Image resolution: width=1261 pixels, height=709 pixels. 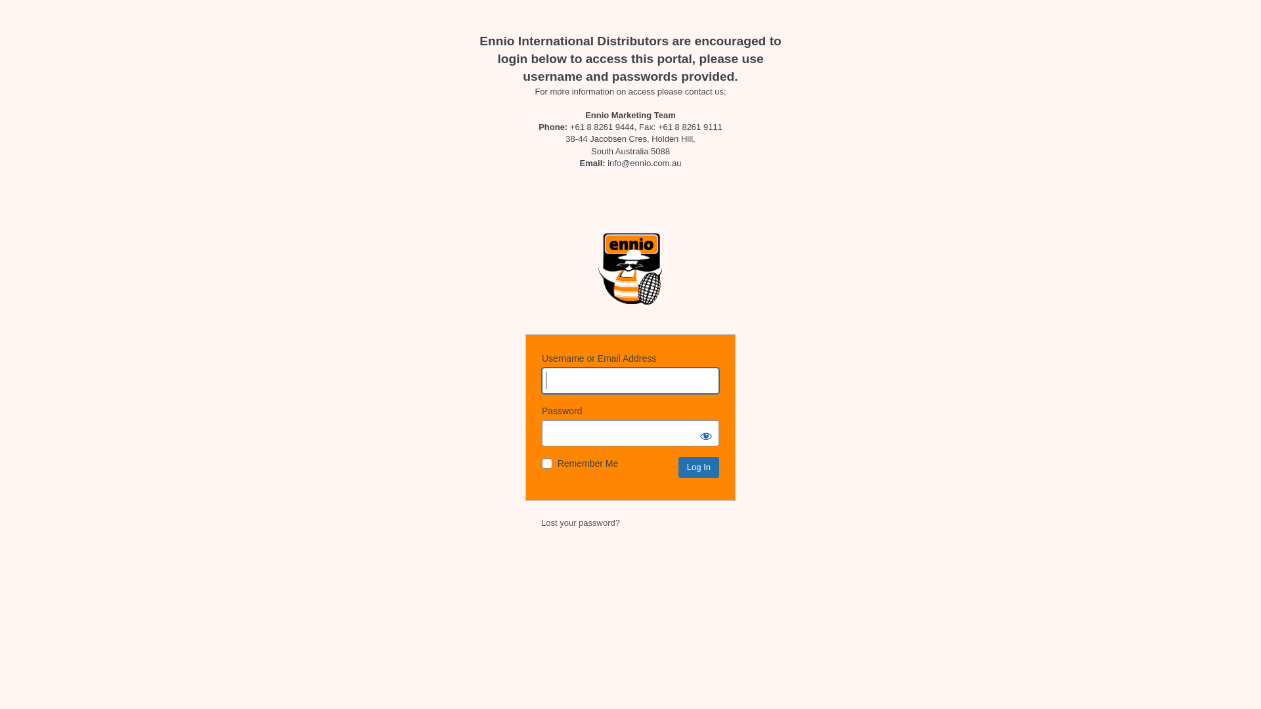 I want to click on 'Log In', so click(x=698, y=467).